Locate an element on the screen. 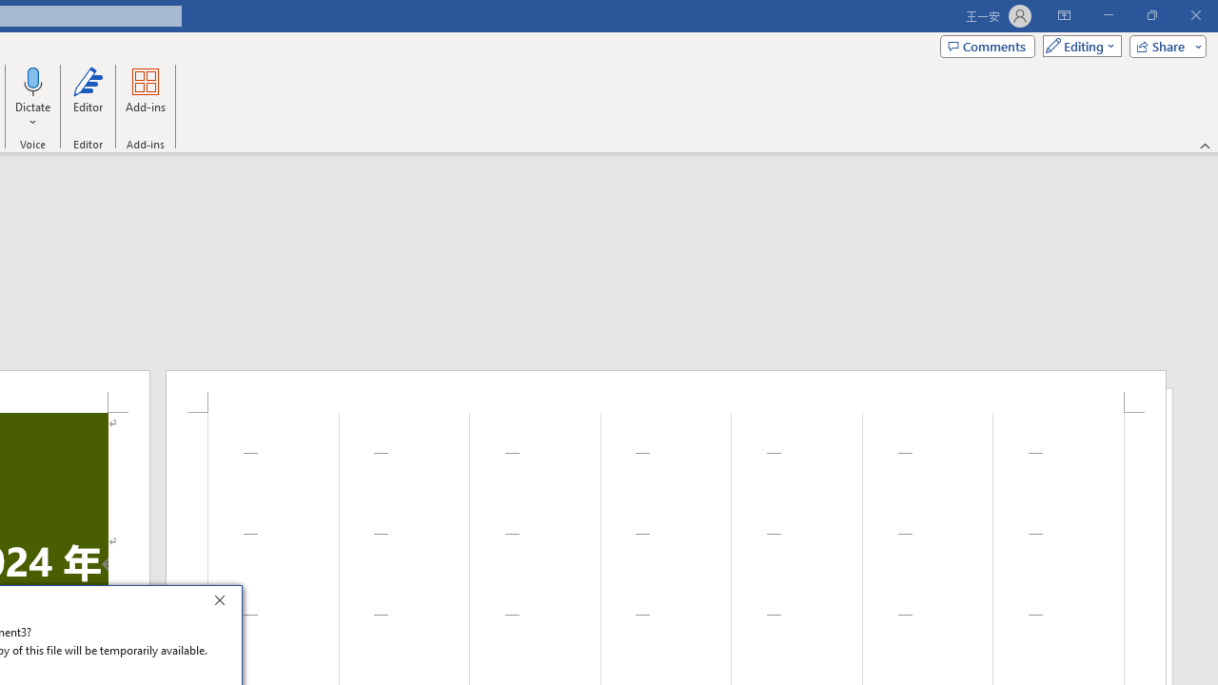 The image size is (1218, 685). 'Restore Down' is located at coordinates (1150, 15).